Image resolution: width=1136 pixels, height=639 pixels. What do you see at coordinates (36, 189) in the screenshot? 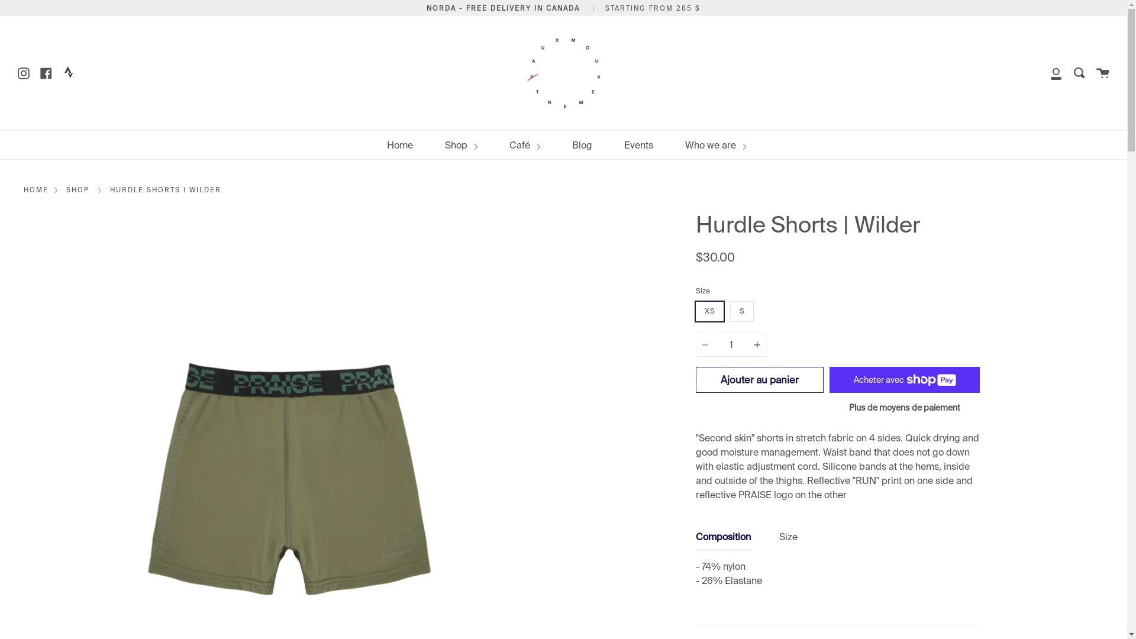
I see `'HOME'` at bounding box center [36, 189].